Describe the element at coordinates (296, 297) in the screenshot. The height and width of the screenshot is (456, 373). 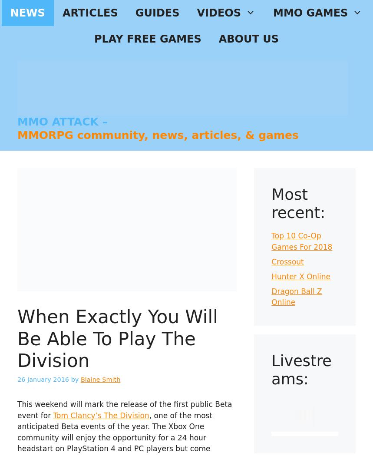
I see `'Dragon Ball Z Online'` at that location.